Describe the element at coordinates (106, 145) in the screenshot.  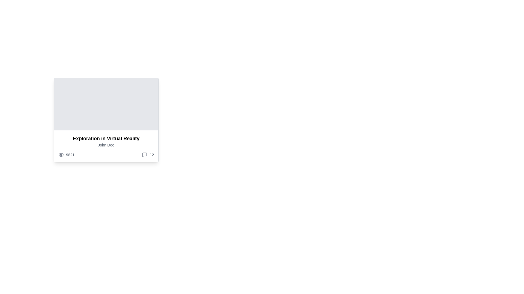
I see `the text label displaying 'John Doe', which is styled in gray and positioned below the title 'Exploration in Virtual Reality'` at that location.